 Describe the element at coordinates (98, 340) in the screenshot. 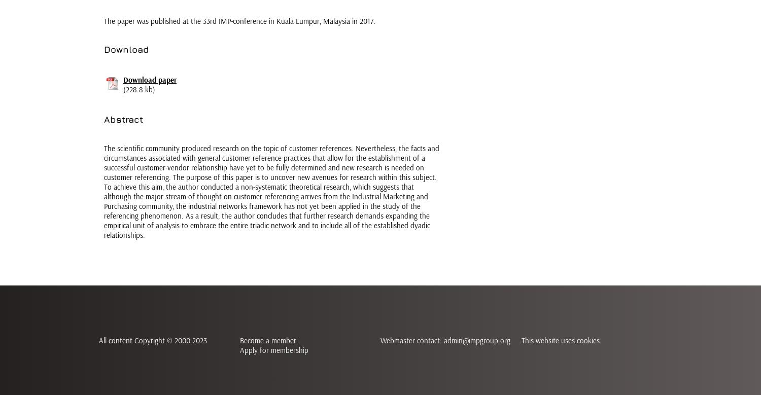

I see `'All content Copyright © 2000-2023'` at that location.